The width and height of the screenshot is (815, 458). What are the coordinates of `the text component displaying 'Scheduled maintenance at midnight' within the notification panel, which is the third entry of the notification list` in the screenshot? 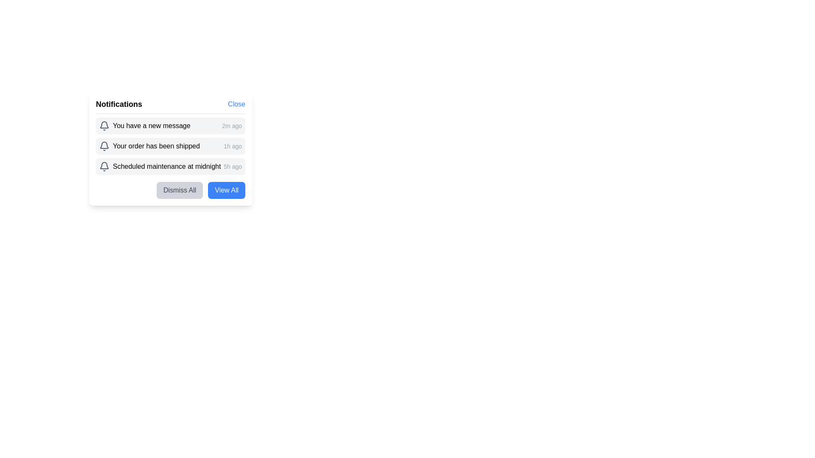 It's located at (167, 167).